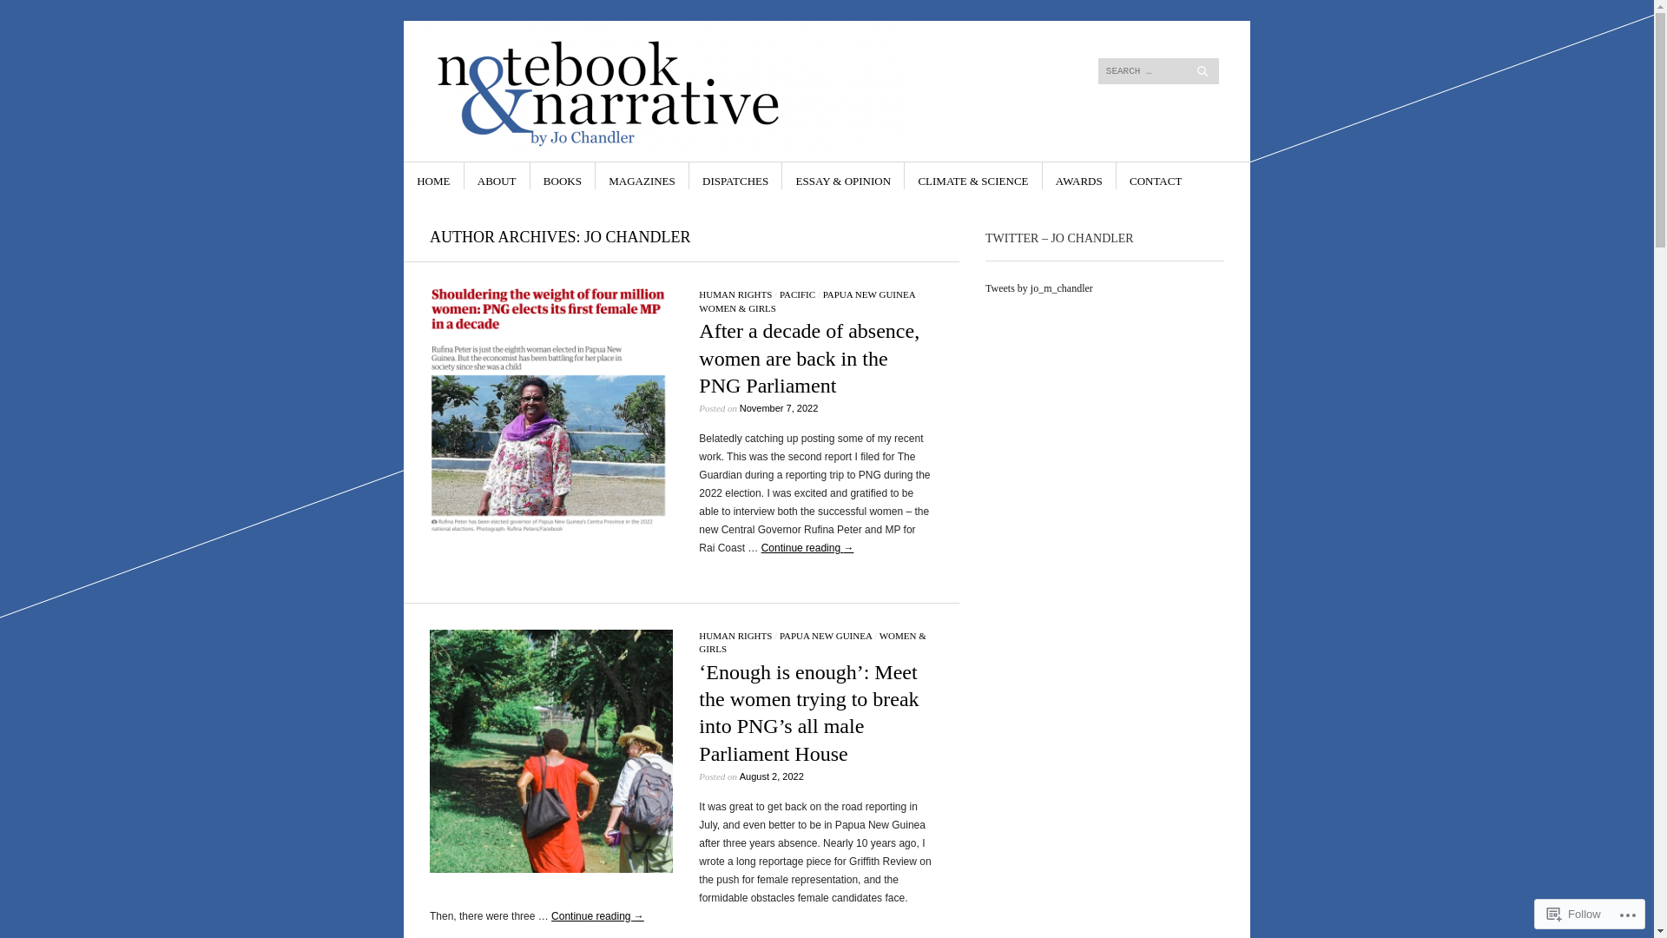 The height and width of the screenshot is (938, 1667). Describe the element at coordinates (735, 636) in the screenshot. I see `'HUMAN RIGHTS'` at that location.